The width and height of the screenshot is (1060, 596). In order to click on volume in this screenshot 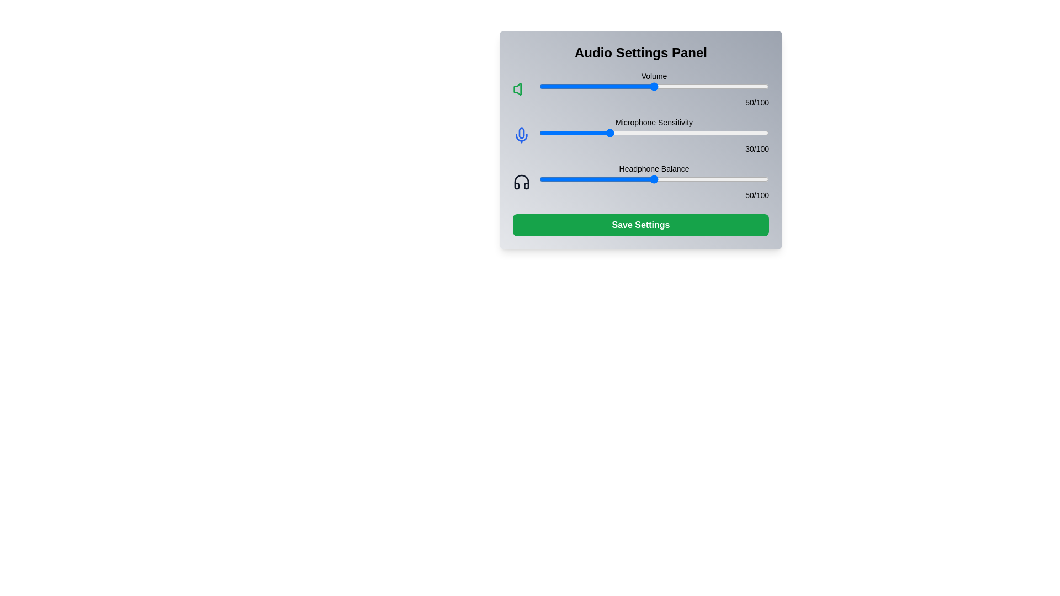, I will do `click(714, 86)`.